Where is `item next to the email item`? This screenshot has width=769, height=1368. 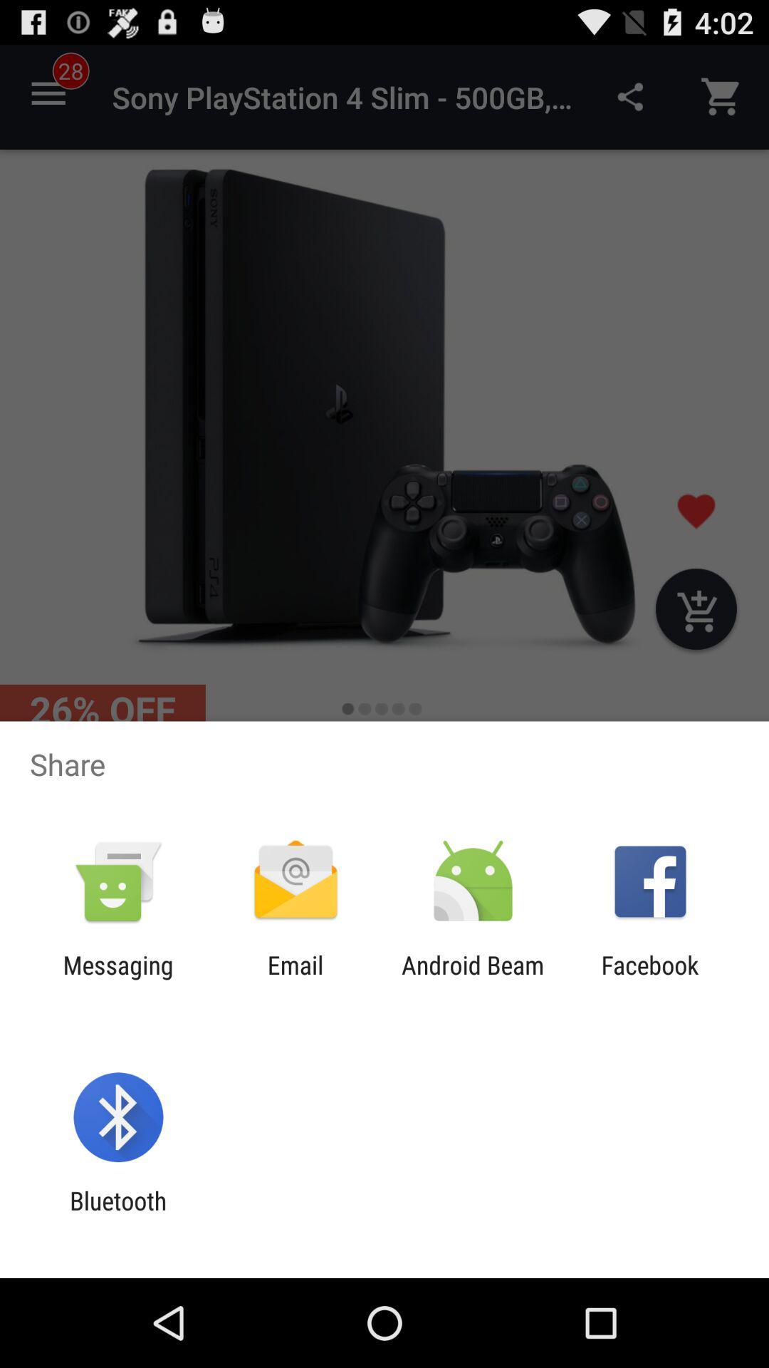 item next to the email item is located at coordinates (473, 979).